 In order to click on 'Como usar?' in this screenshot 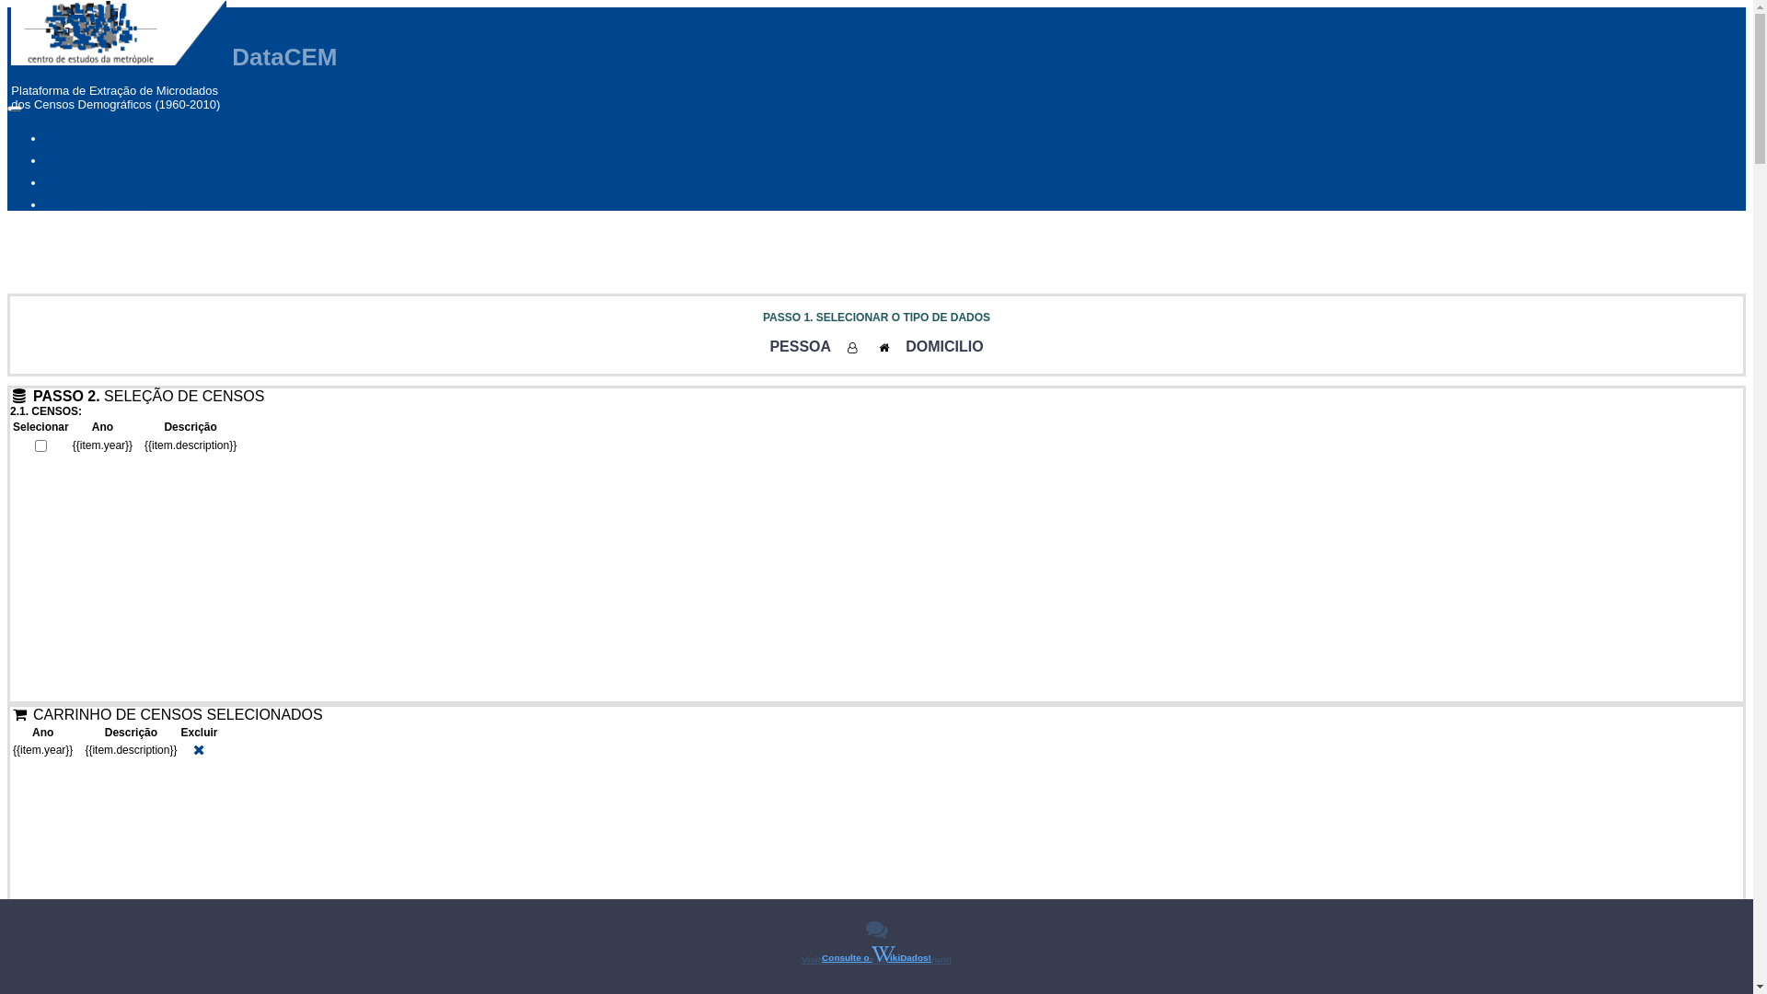, I will do `click(84, 137)`.